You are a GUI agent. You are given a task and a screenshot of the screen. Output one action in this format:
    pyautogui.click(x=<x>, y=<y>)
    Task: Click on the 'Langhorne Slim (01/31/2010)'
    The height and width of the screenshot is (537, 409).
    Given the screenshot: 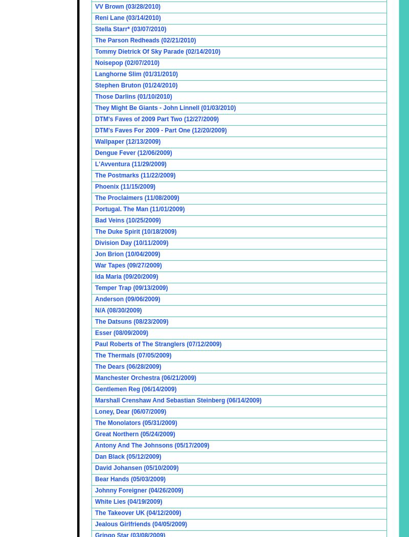 What is the action you would take?
    pyautogui.click(x=135, y=74)
    